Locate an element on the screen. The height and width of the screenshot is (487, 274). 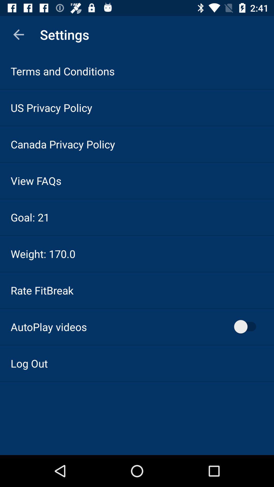
icon to the right of the autoplay videos icon is located at coordinates (247, 327).